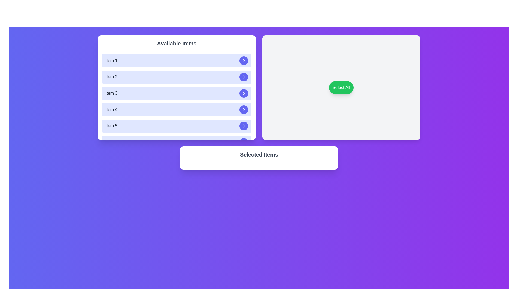 This screenshot has height=294, width=523. Describe the element at coordinates (243, 93) in the screenshot. I see `the circular button with an indigo background and a white chevron pointing right, located` at that location.